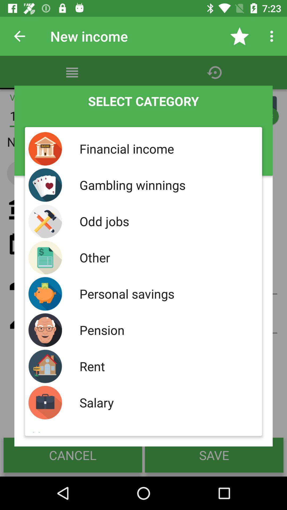 Image resolution: width=287 pixels, height=510 pixels. What do you see at coordinates (263, 109) in the screenshot?
I see `the avatar icon` at bounding box center [263, 109].